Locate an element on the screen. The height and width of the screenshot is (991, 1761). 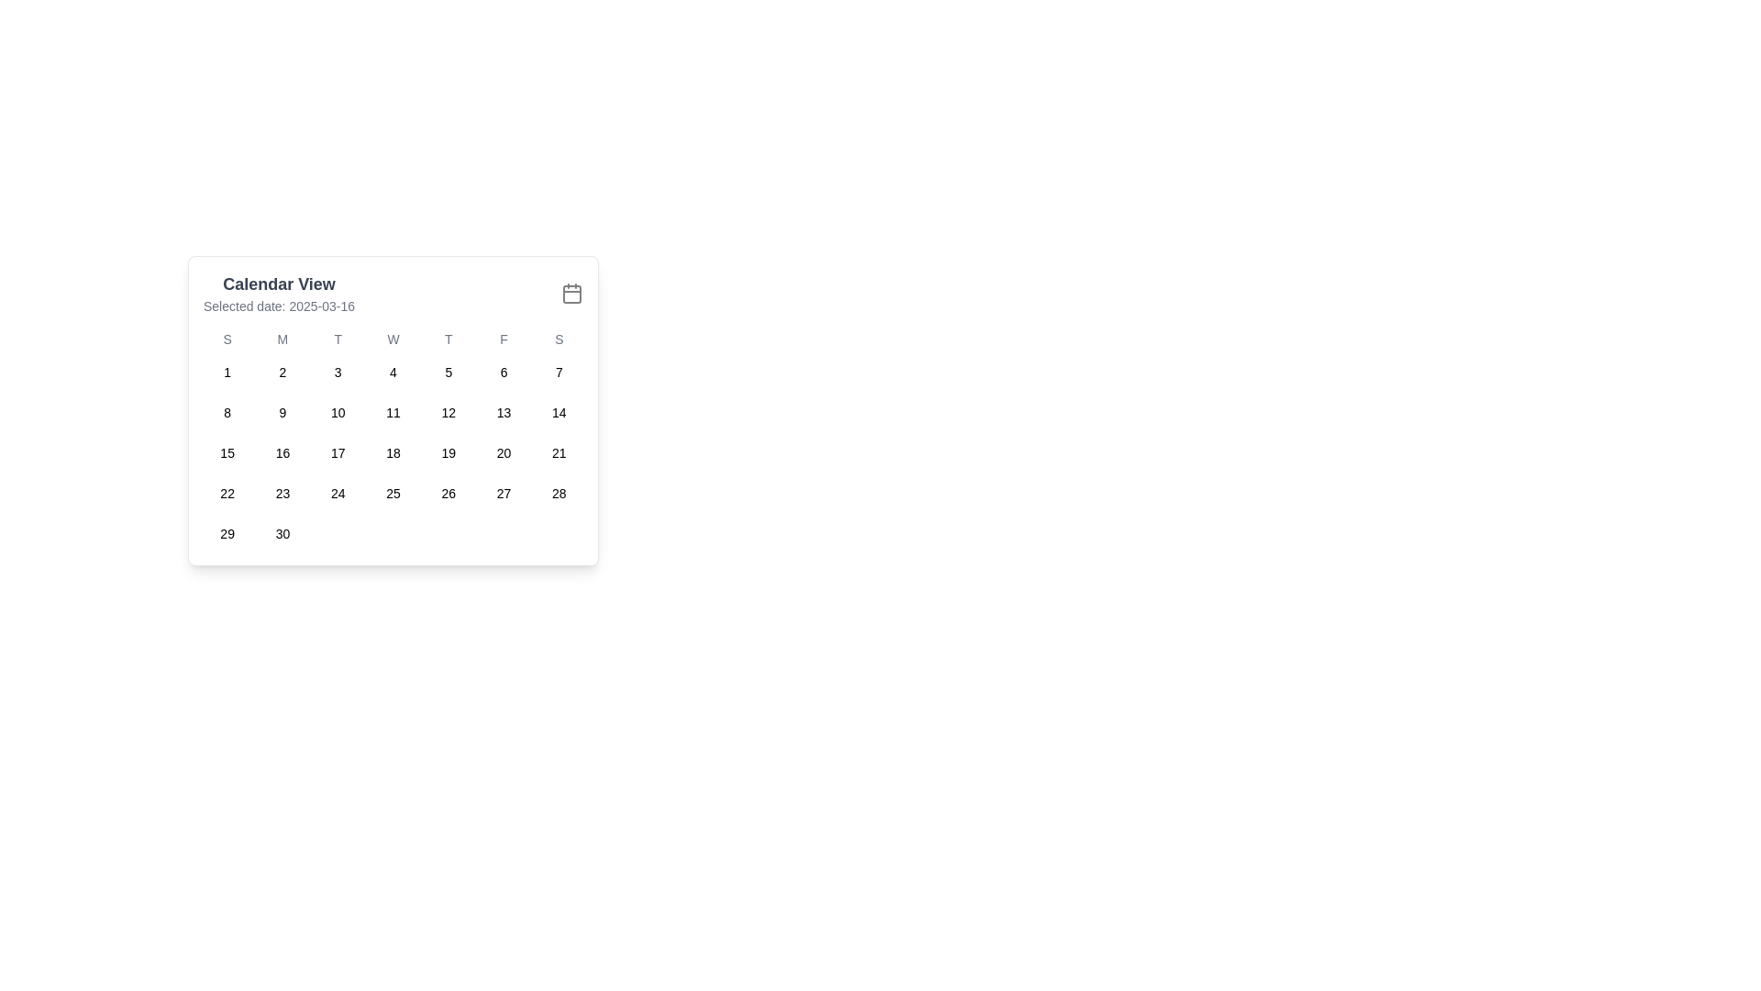
the text label displaying 'S' in the header row of the calendar grid, which is the last item representing the days of the week is located at coordinates (558, 340).